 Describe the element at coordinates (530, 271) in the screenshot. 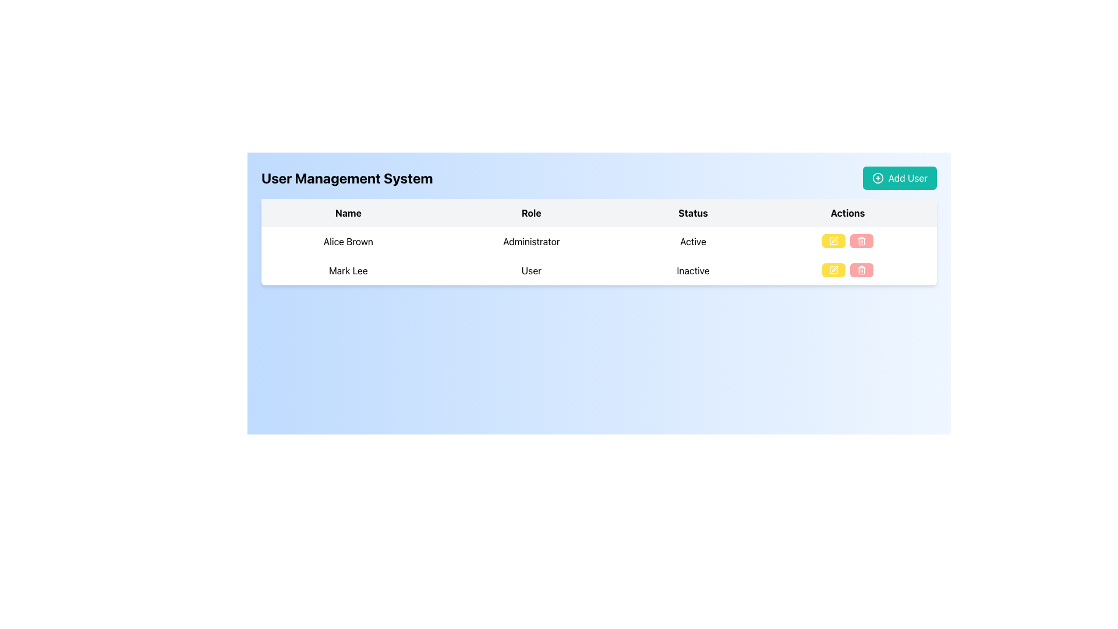

I see `the Text Label displaying 'User' in the 'Role' column of the data table, positioned to the left of the 'Status' column, which is the second entry associated with 'Mark Lee'` at that location.